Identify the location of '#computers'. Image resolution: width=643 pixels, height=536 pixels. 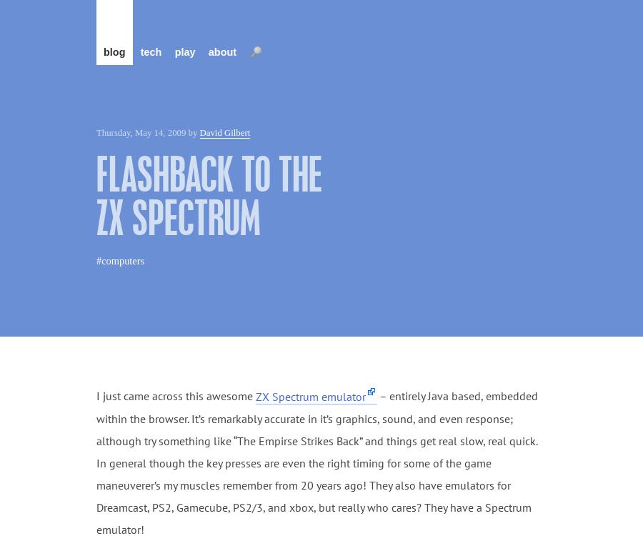
(120, 260).